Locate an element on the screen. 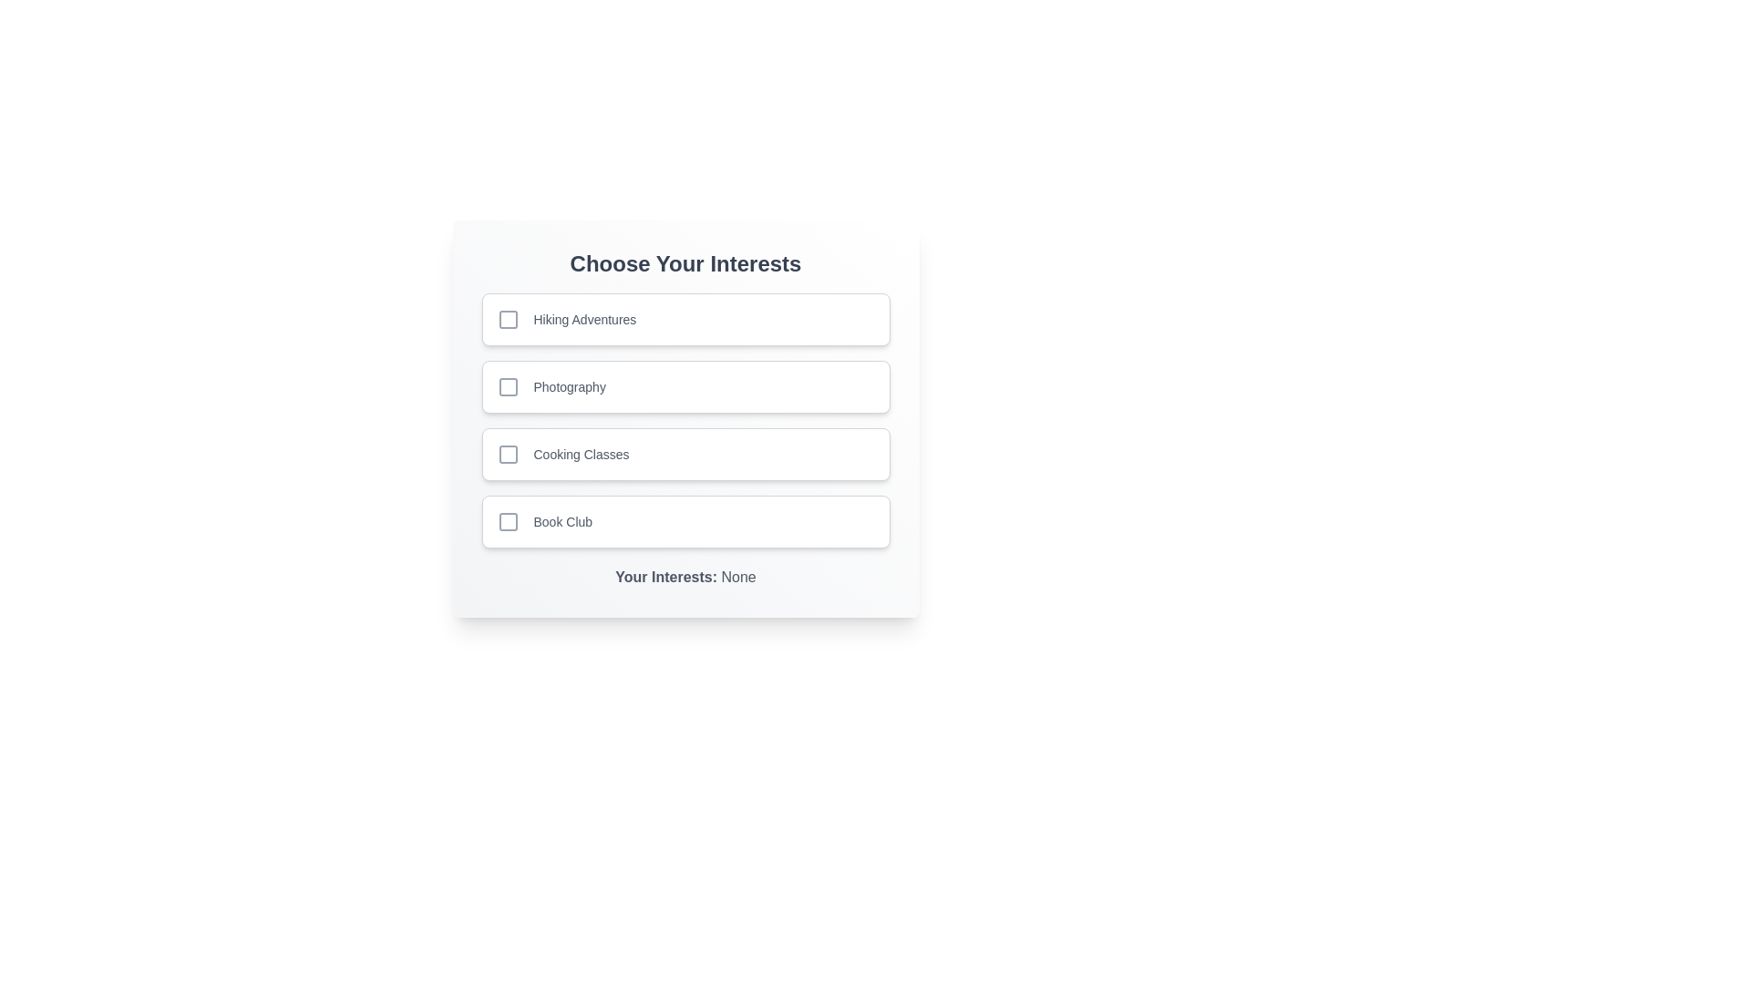 The image size is (1750, 984). text label identifying the associated selectable option 'Book Club' within the bottommost item of the vertically arranged list, located to the immediate right of the square checkbox icon is located at coordinates (561, 522).